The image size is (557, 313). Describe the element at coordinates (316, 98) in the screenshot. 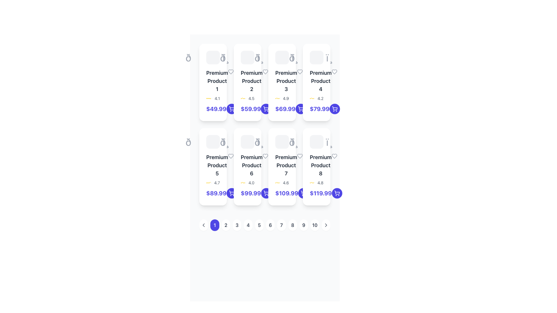

I see `the Rating display component located in the fourth product card, which consists of yellow star icons and the text '4.2'` at that location.